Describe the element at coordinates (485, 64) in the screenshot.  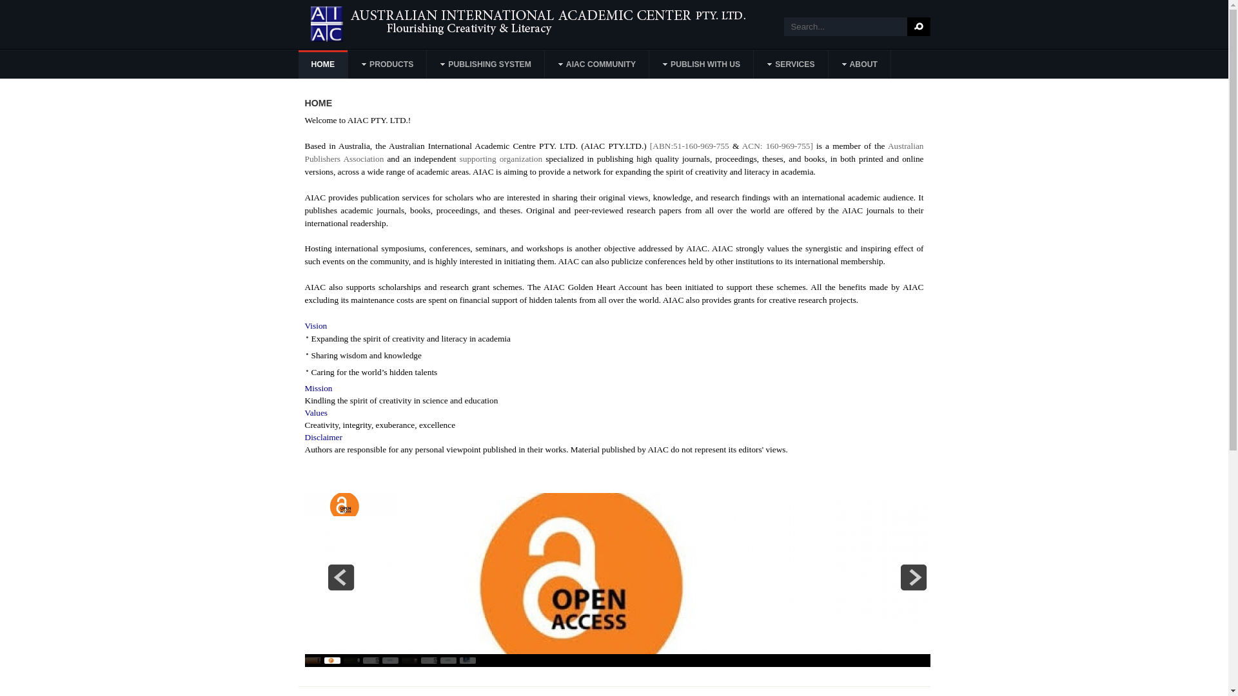
I see `'PUBLISHING SYSTEM'` at that location.